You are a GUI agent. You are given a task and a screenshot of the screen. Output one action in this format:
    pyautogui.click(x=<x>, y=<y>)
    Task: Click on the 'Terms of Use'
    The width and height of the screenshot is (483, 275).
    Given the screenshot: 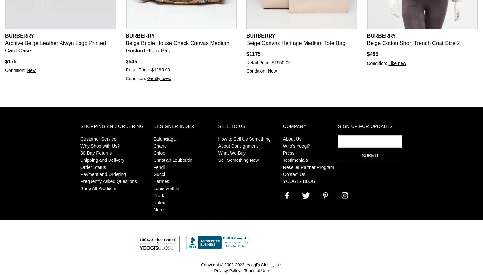 What is the action you would take?
    pyautogui.click(x=256, y=270)
    